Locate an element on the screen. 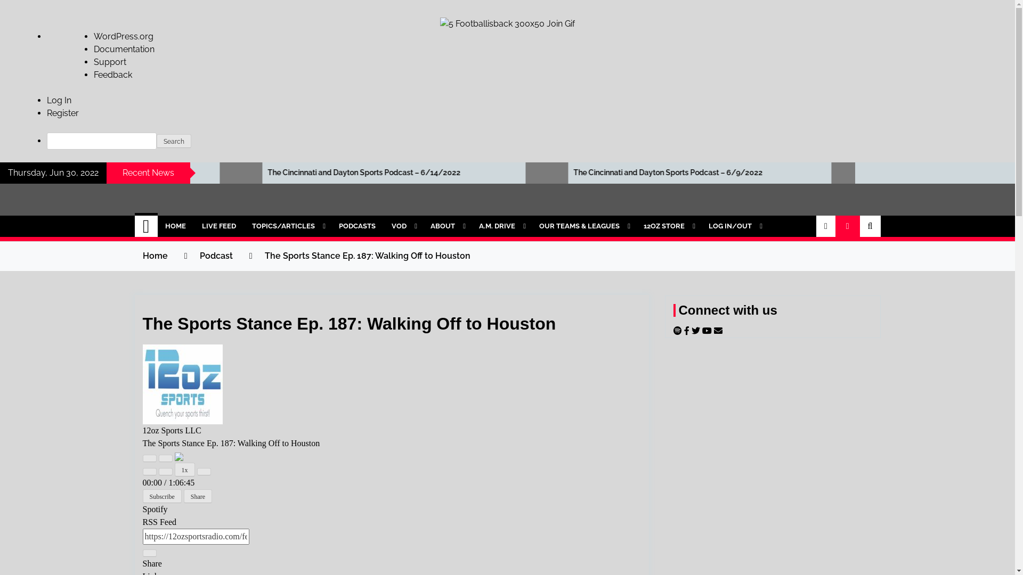 The height and width of the screenshot is (575, 1023). 'OUR TEAMS & LEAGUES' is located at coordinates (582, 225).